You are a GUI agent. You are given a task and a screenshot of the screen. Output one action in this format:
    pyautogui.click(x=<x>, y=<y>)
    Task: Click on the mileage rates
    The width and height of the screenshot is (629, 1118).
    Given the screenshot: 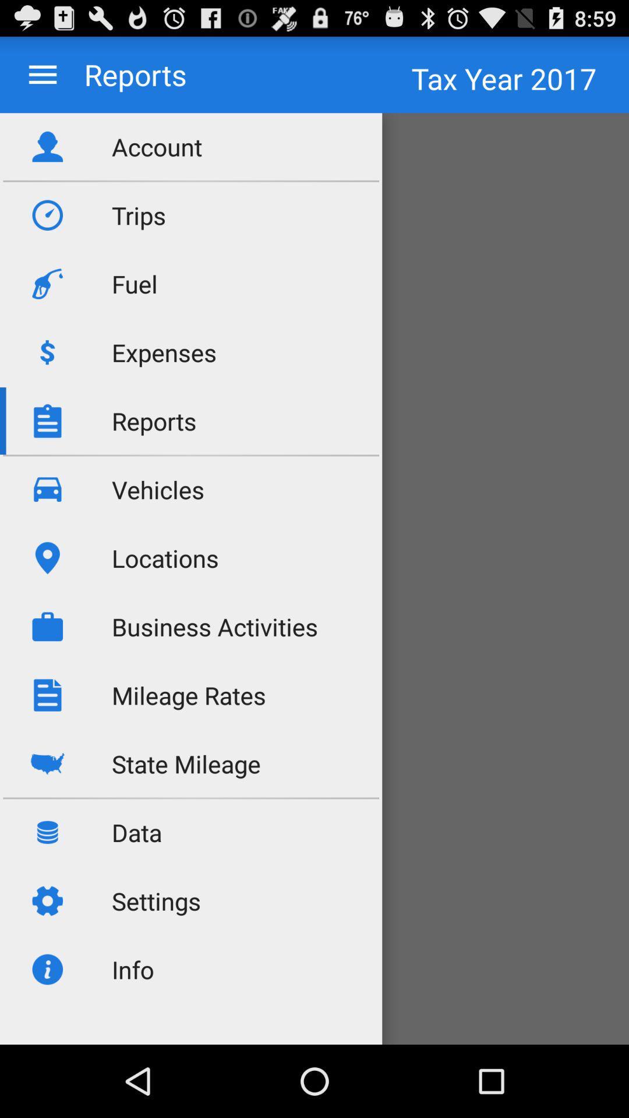 What is the action you would take?
    pyautogui.click(x=188, y=695)
    